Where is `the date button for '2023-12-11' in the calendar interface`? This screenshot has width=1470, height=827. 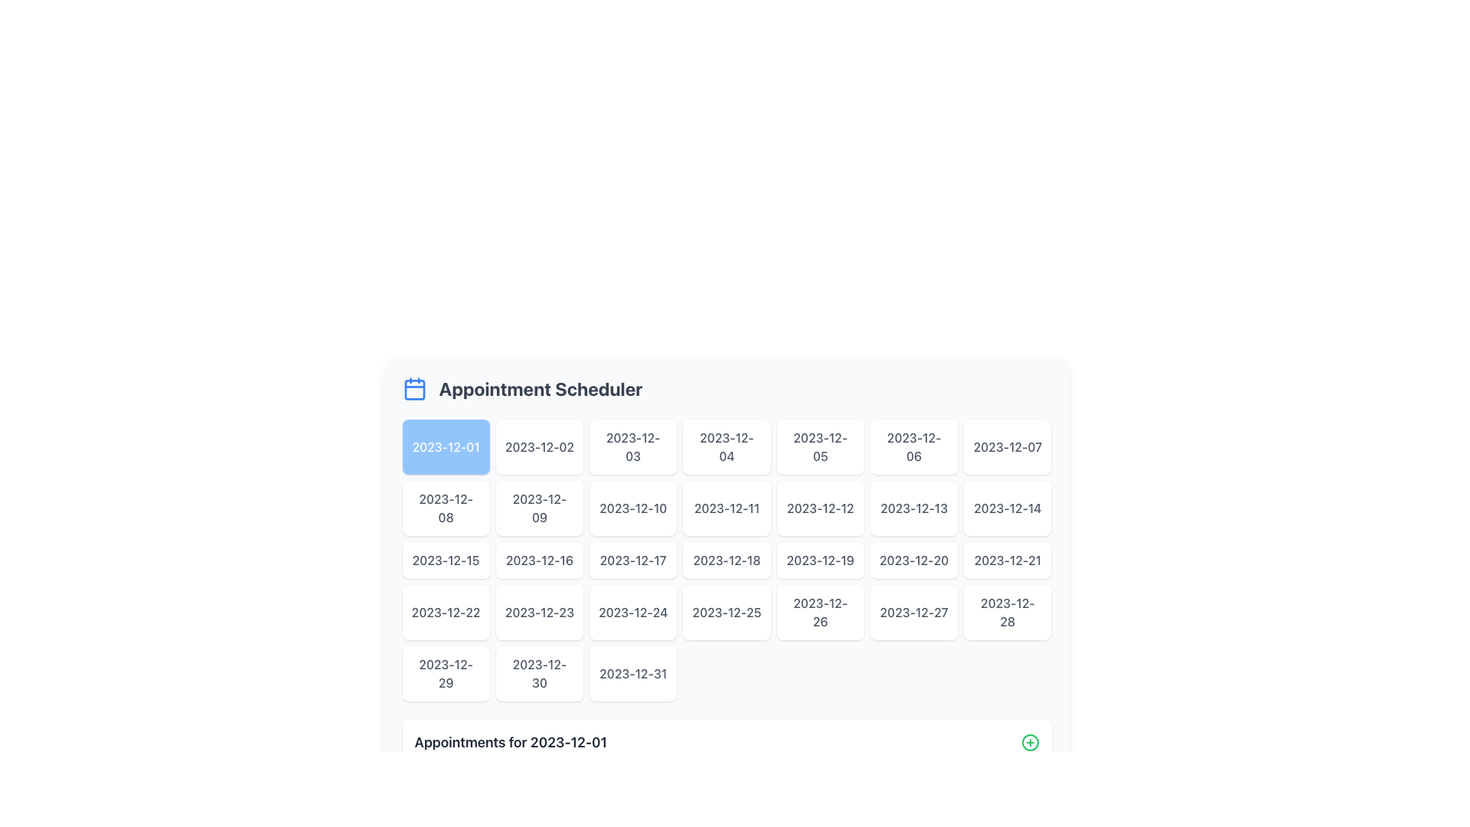
the date button for '2023-12-11' in the calendar interface is located at coordinates (726, 508).